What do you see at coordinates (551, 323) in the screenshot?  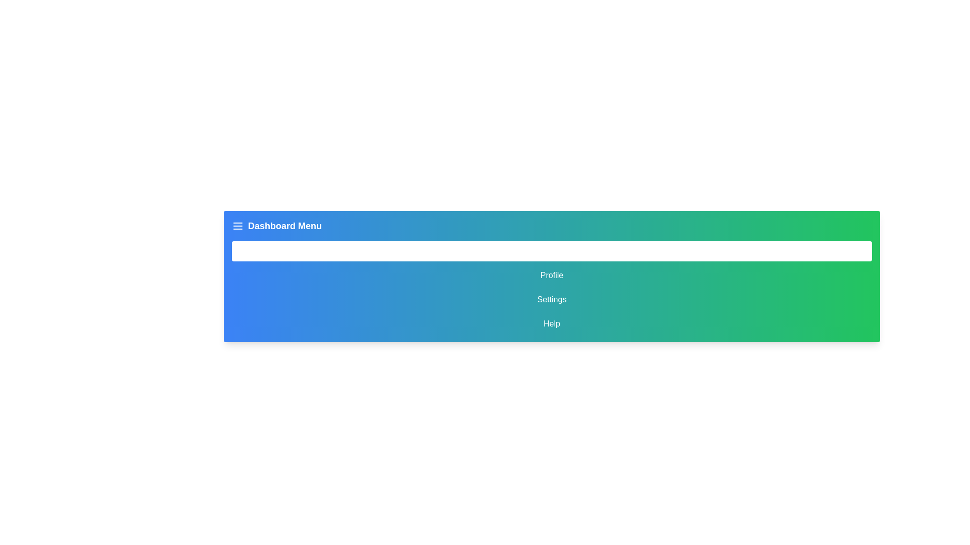 I see `the fourth Text button in the vertical menu` at bounding box center [551, 323].